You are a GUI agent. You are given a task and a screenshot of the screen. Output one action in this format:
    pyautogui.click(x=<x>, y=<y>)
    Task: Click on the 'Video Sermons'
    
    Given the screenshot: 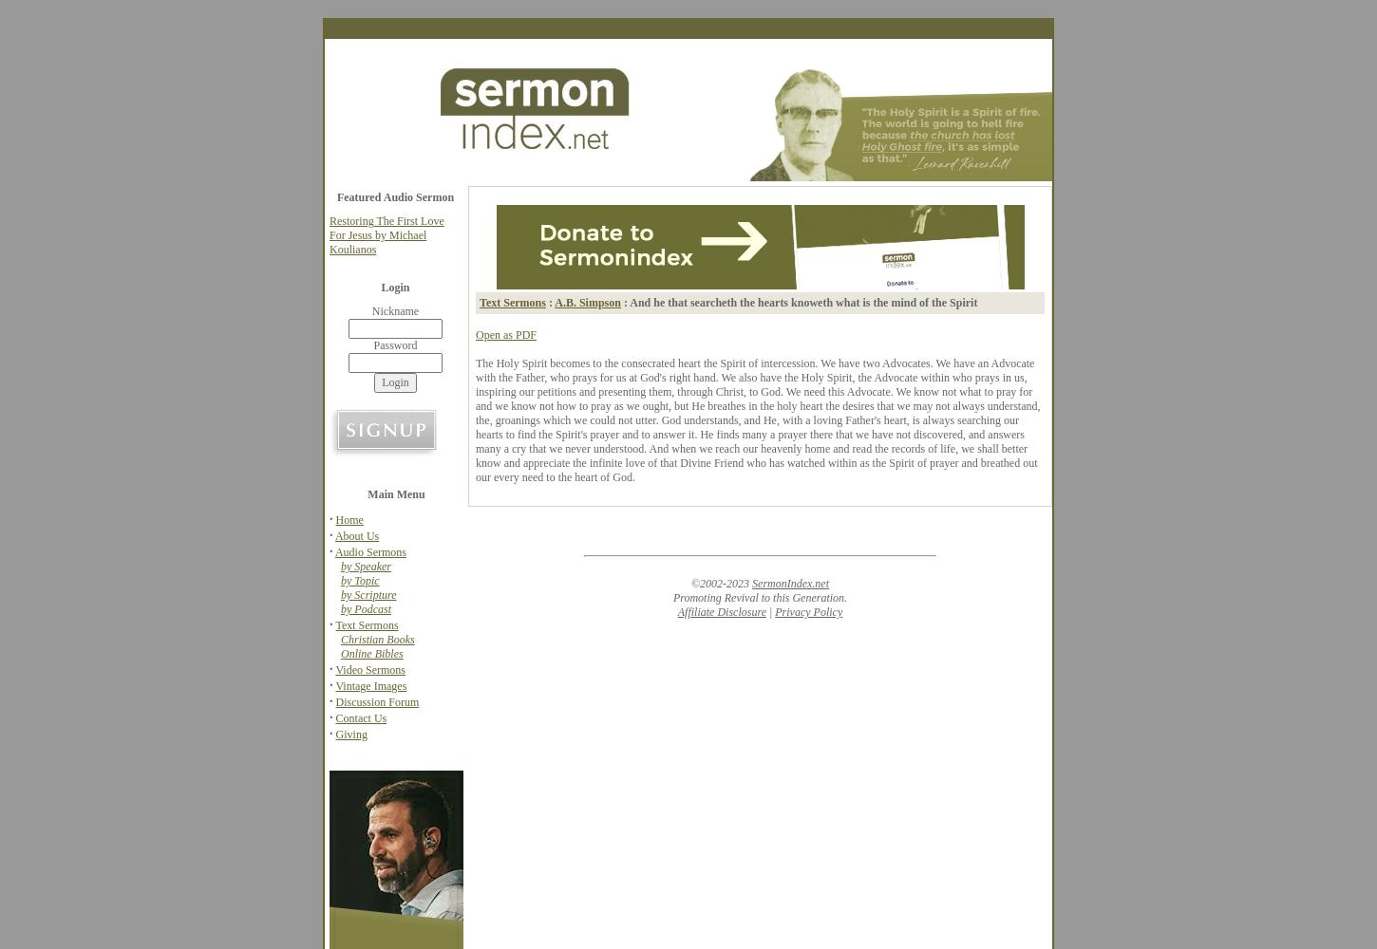 What is the action you would take?
    pyautogui.click(x=334, y=669)
    